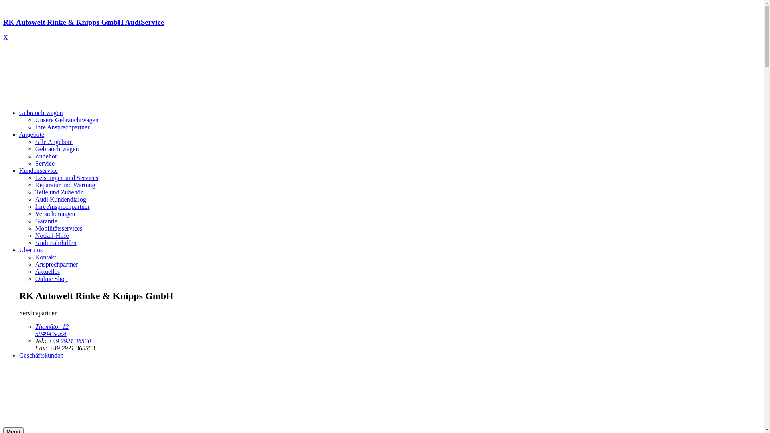 This screenshot has width=770, height=433. I want to click on 'Aktuelles', so click(47, 271).